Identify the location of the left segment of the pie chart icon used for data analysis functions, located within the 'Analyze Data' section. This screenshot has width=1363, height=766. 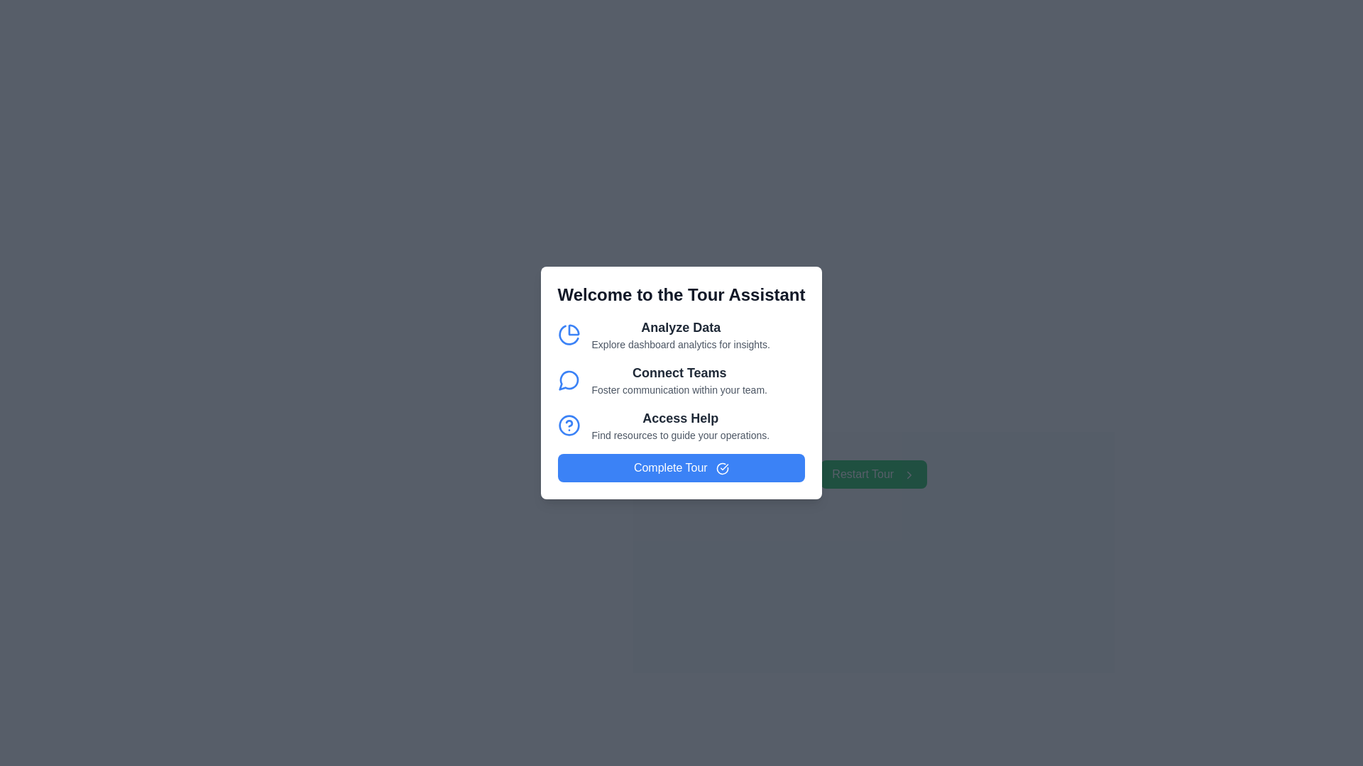
(569, 335).